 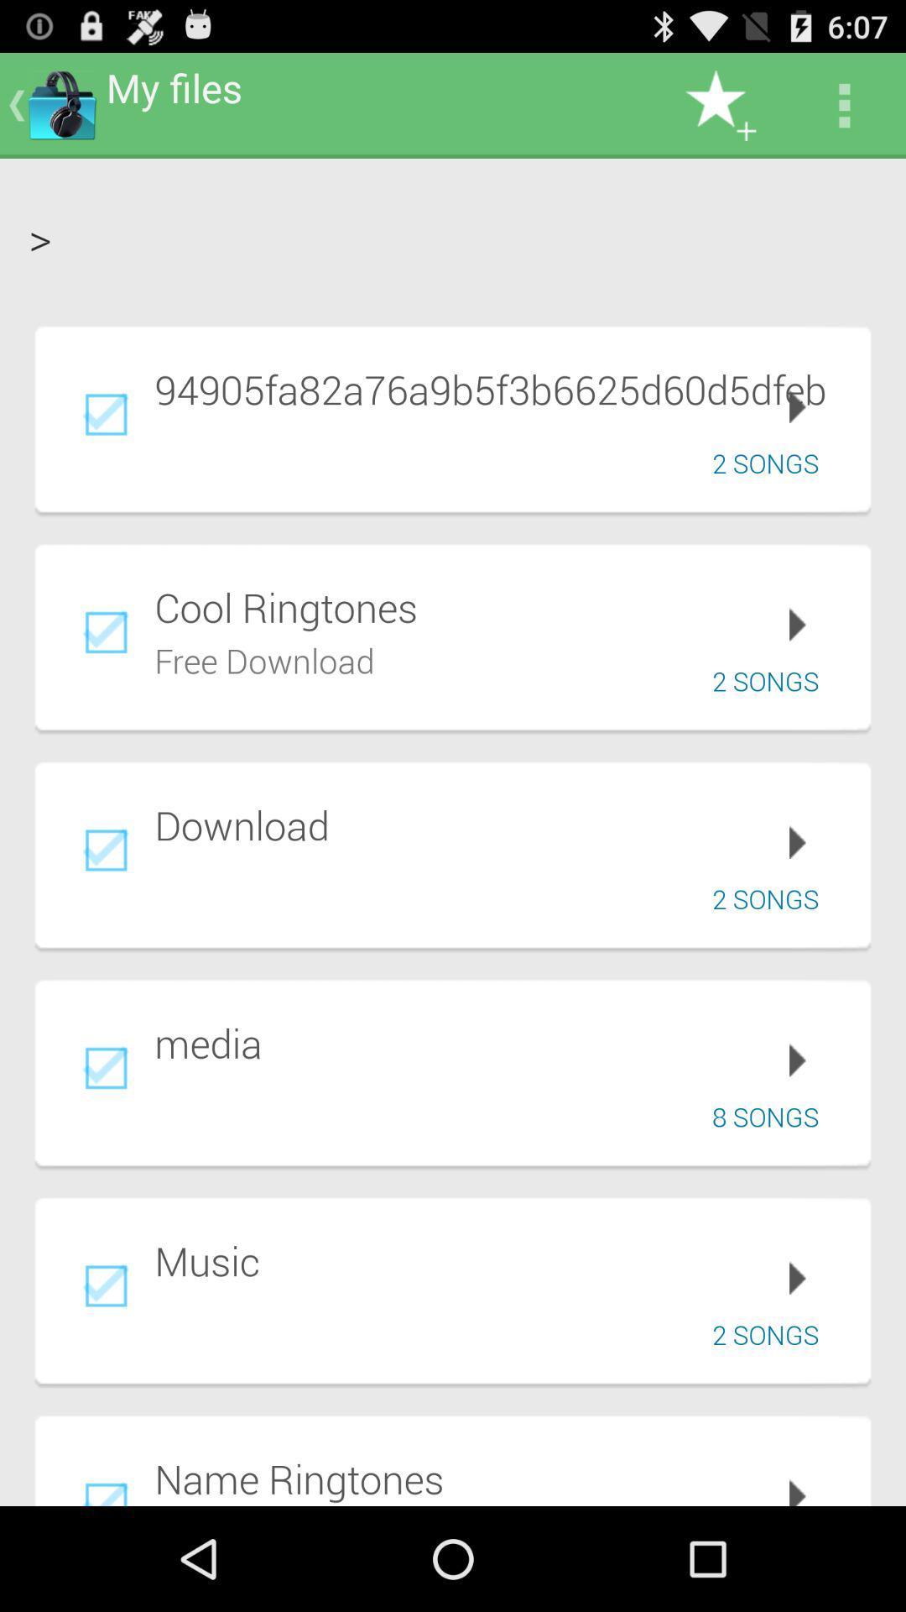 I want to click on app below the 2 songs item, so click(x=500, y=1042).